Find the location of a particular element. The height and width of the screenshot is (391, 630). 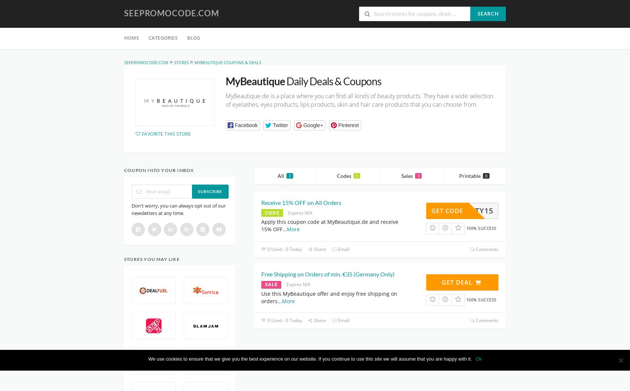

'Twitter' is located at coordinates (280, 124).